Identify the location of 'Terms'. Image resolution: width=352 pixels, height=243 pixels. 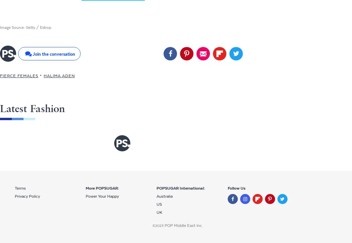
(20, 188).